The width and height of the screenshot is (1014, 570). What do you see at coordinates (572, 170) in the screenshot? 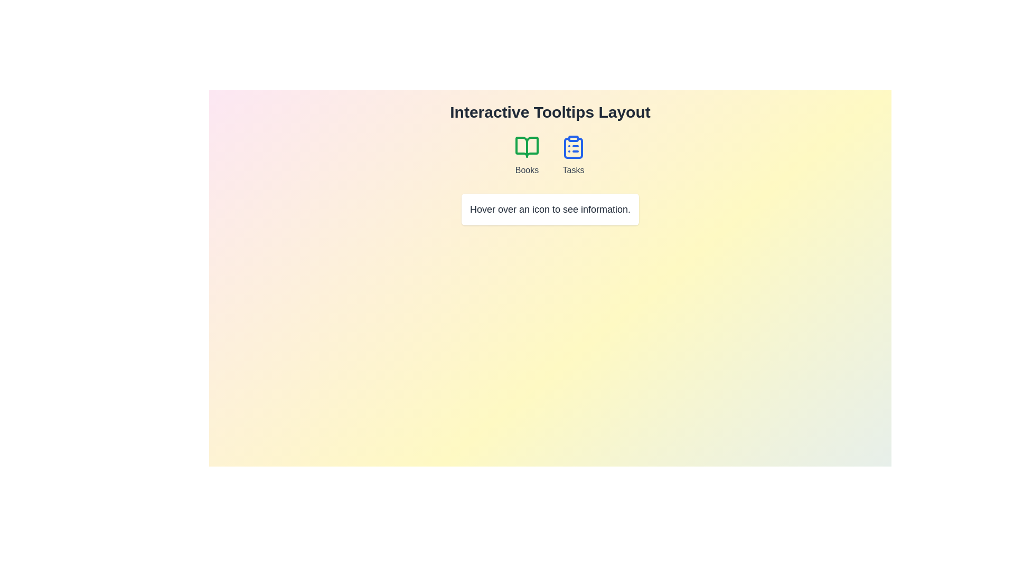
I see `the text label located directly below the blue clipboard icon to associate it with the icon above` at bounding box center [572, 170].